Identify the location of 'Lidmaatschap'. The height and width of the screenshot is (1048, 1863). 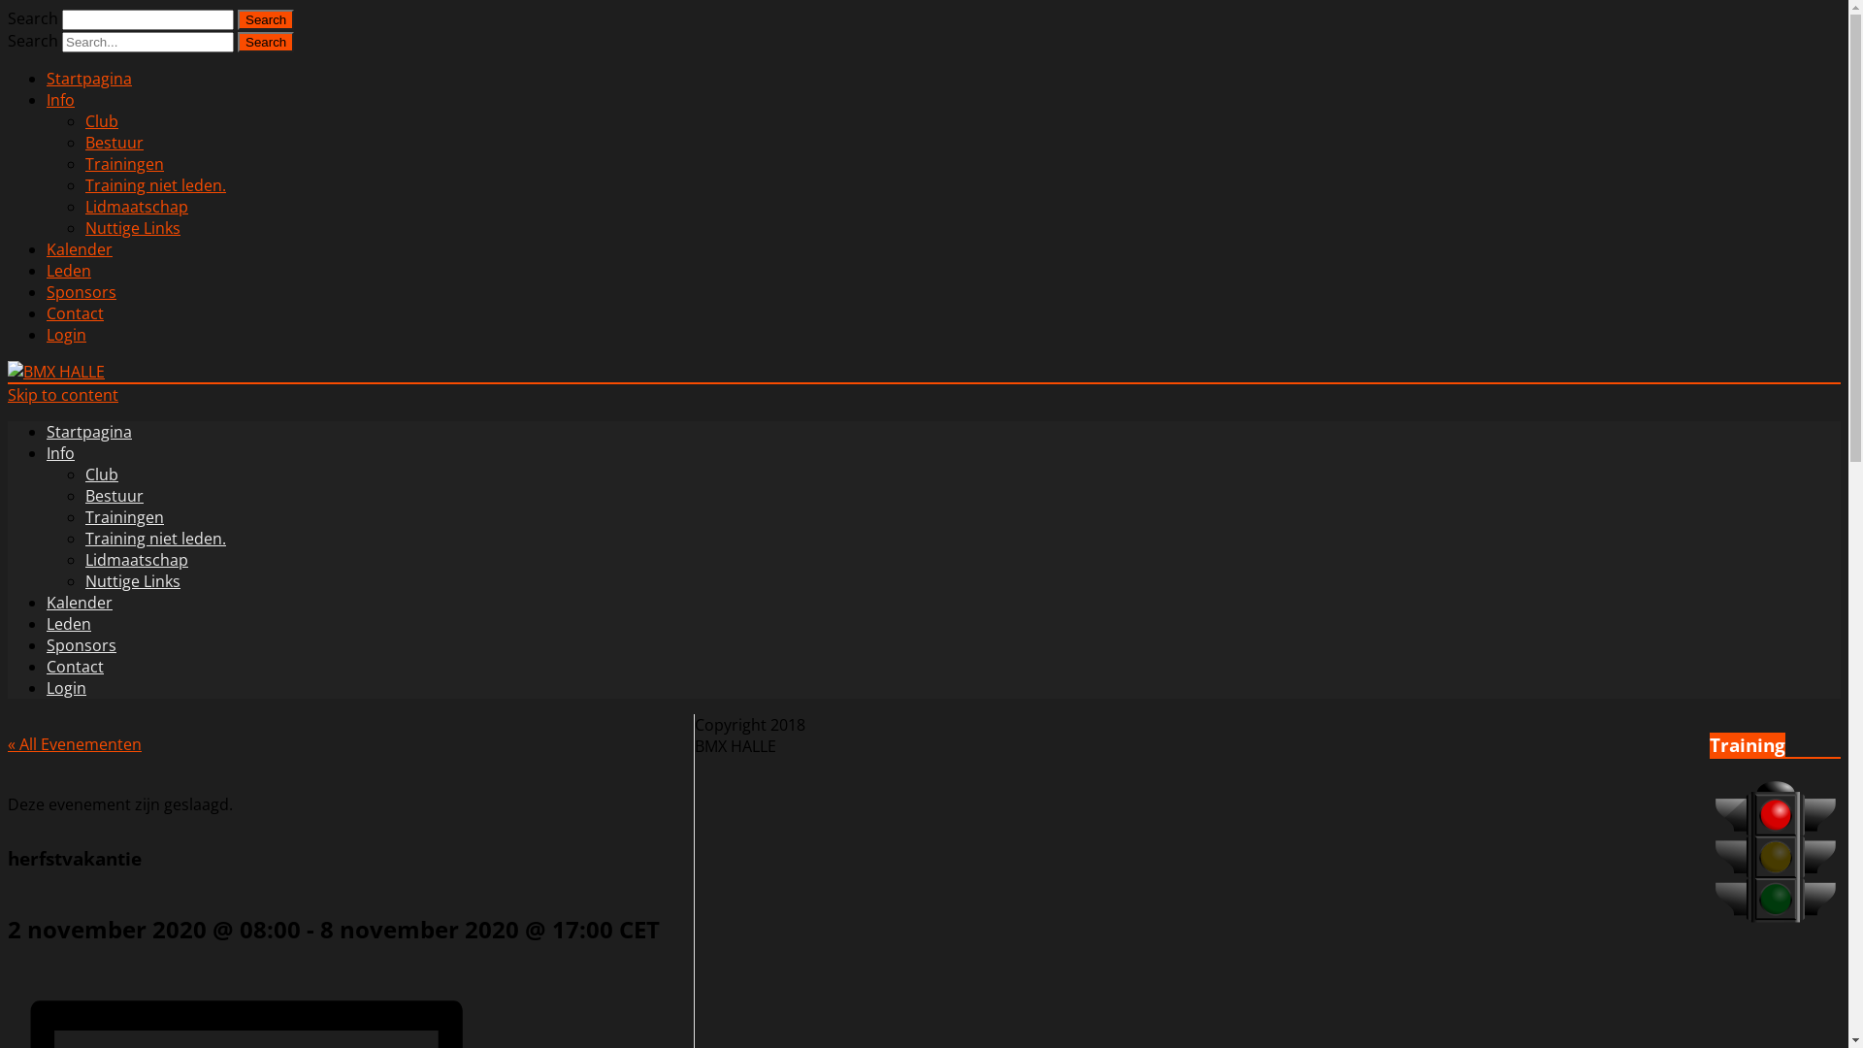
(83, 560).